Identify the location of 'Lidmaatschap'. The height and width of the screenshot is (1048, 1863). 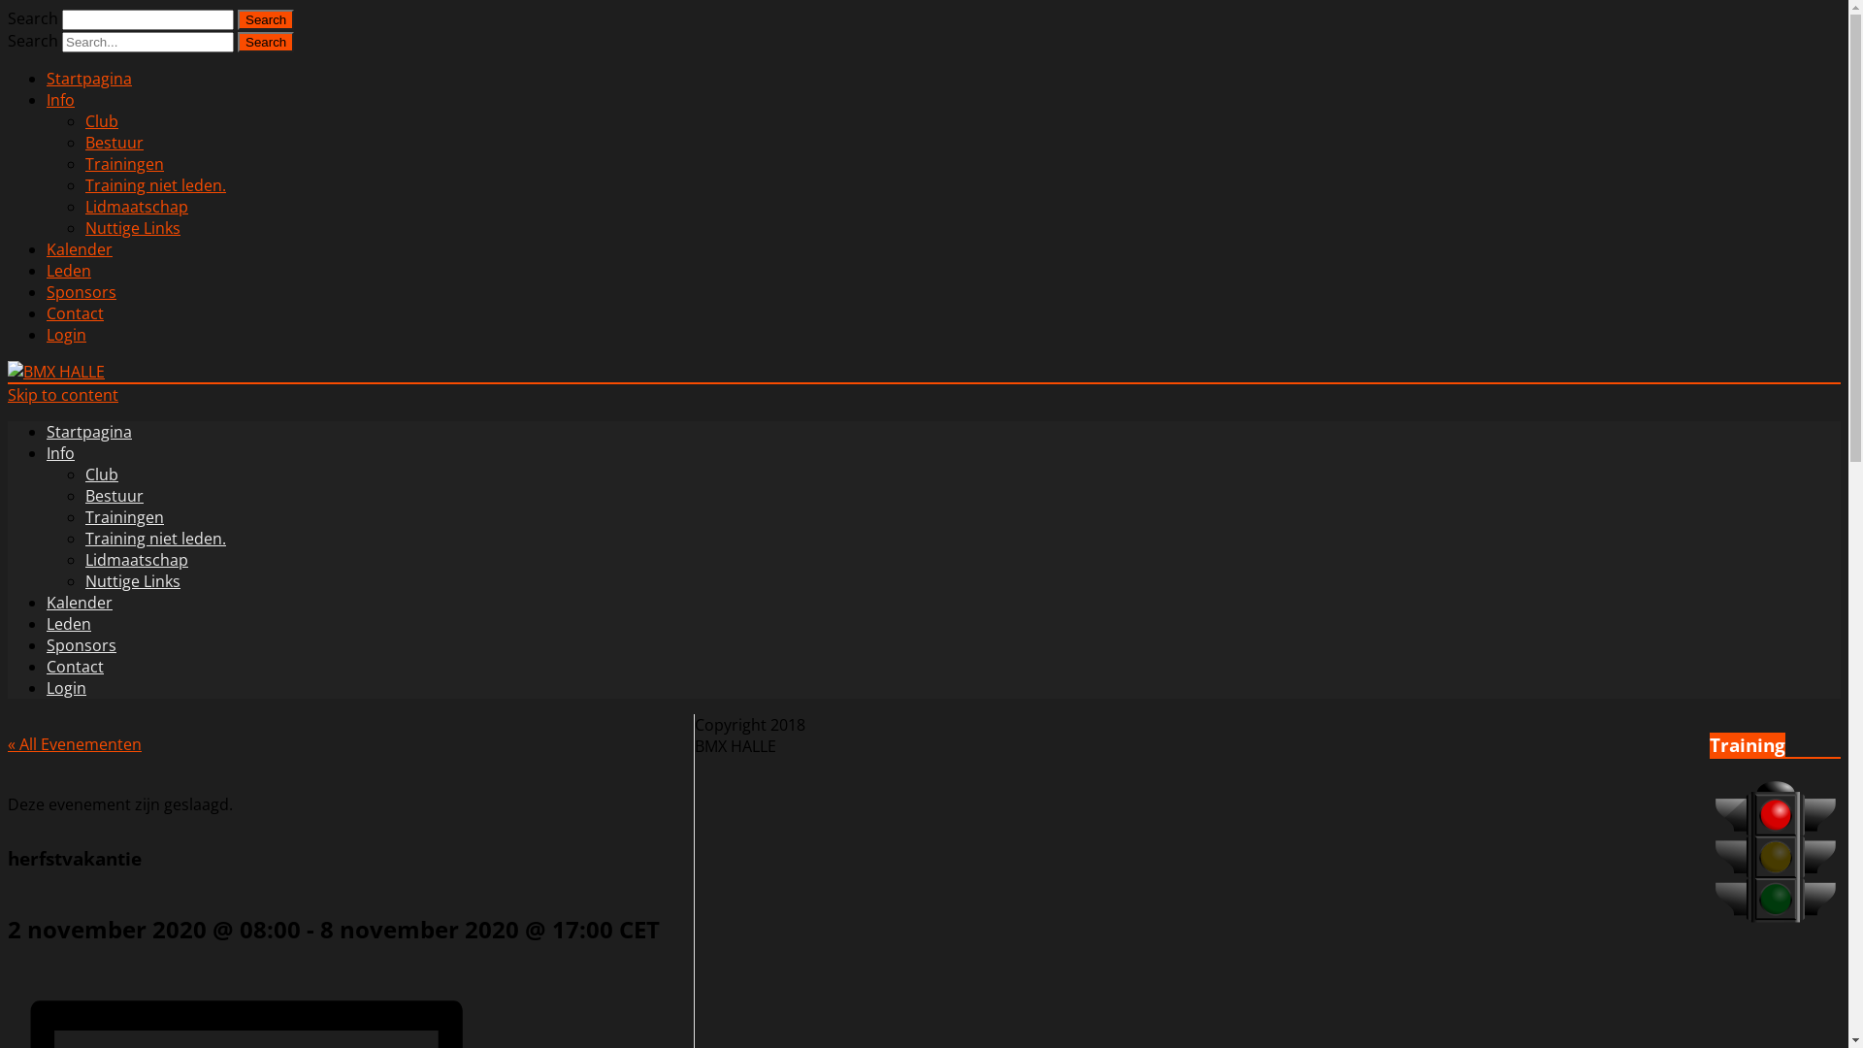
(83, 560).